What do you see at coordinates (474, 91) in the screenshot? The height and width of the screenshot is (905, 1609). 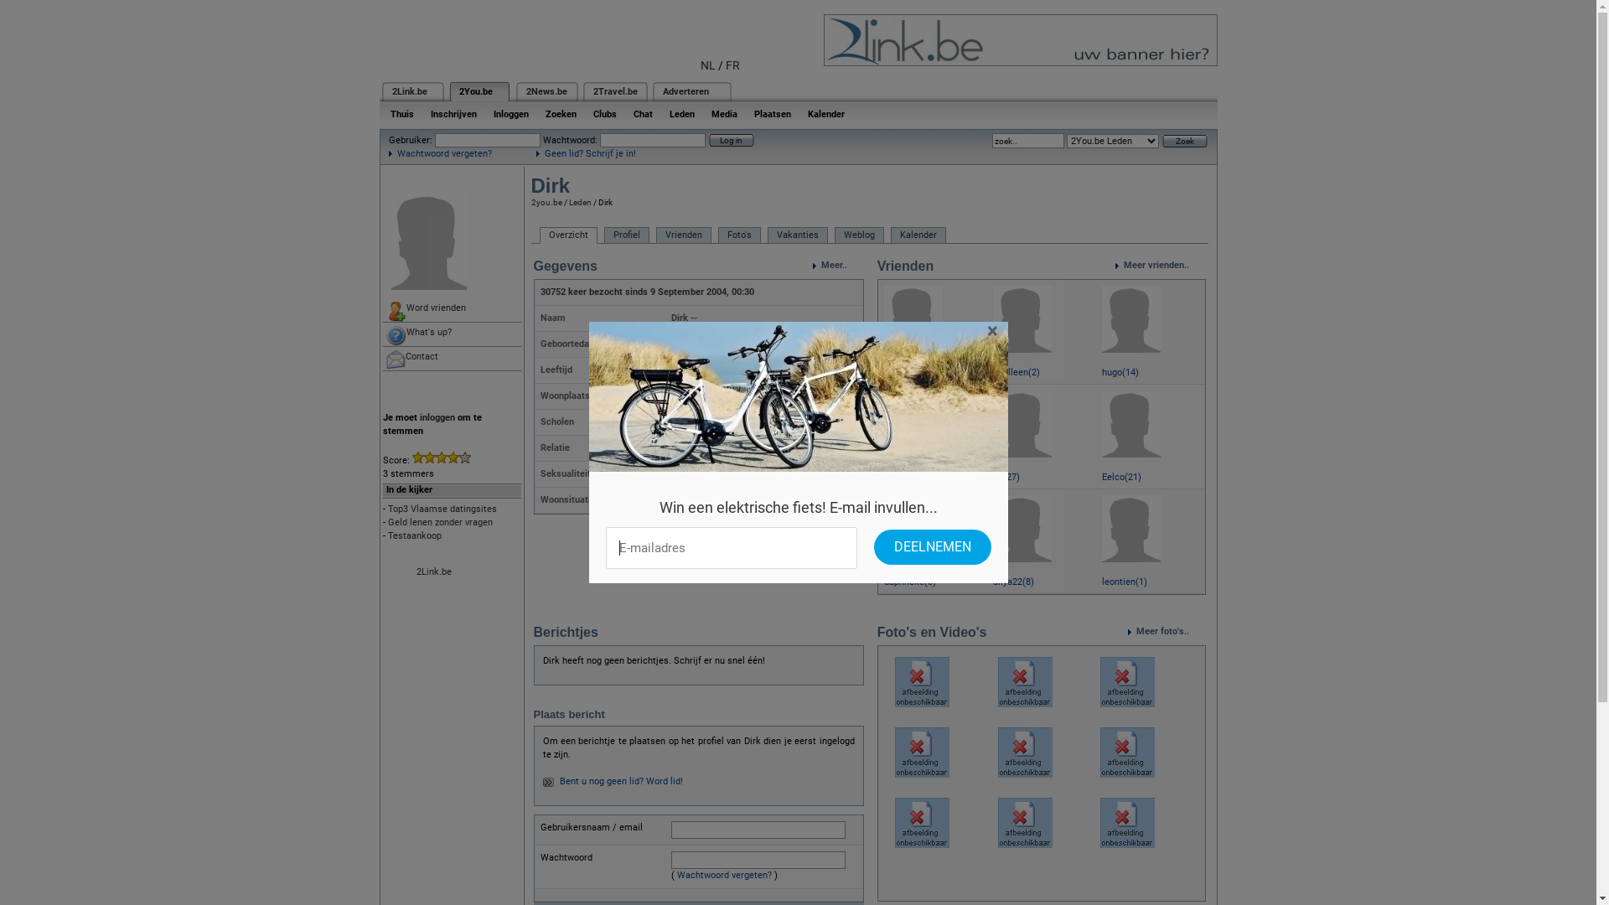 I see `'2You.be'` at bounding box center [474, 91].